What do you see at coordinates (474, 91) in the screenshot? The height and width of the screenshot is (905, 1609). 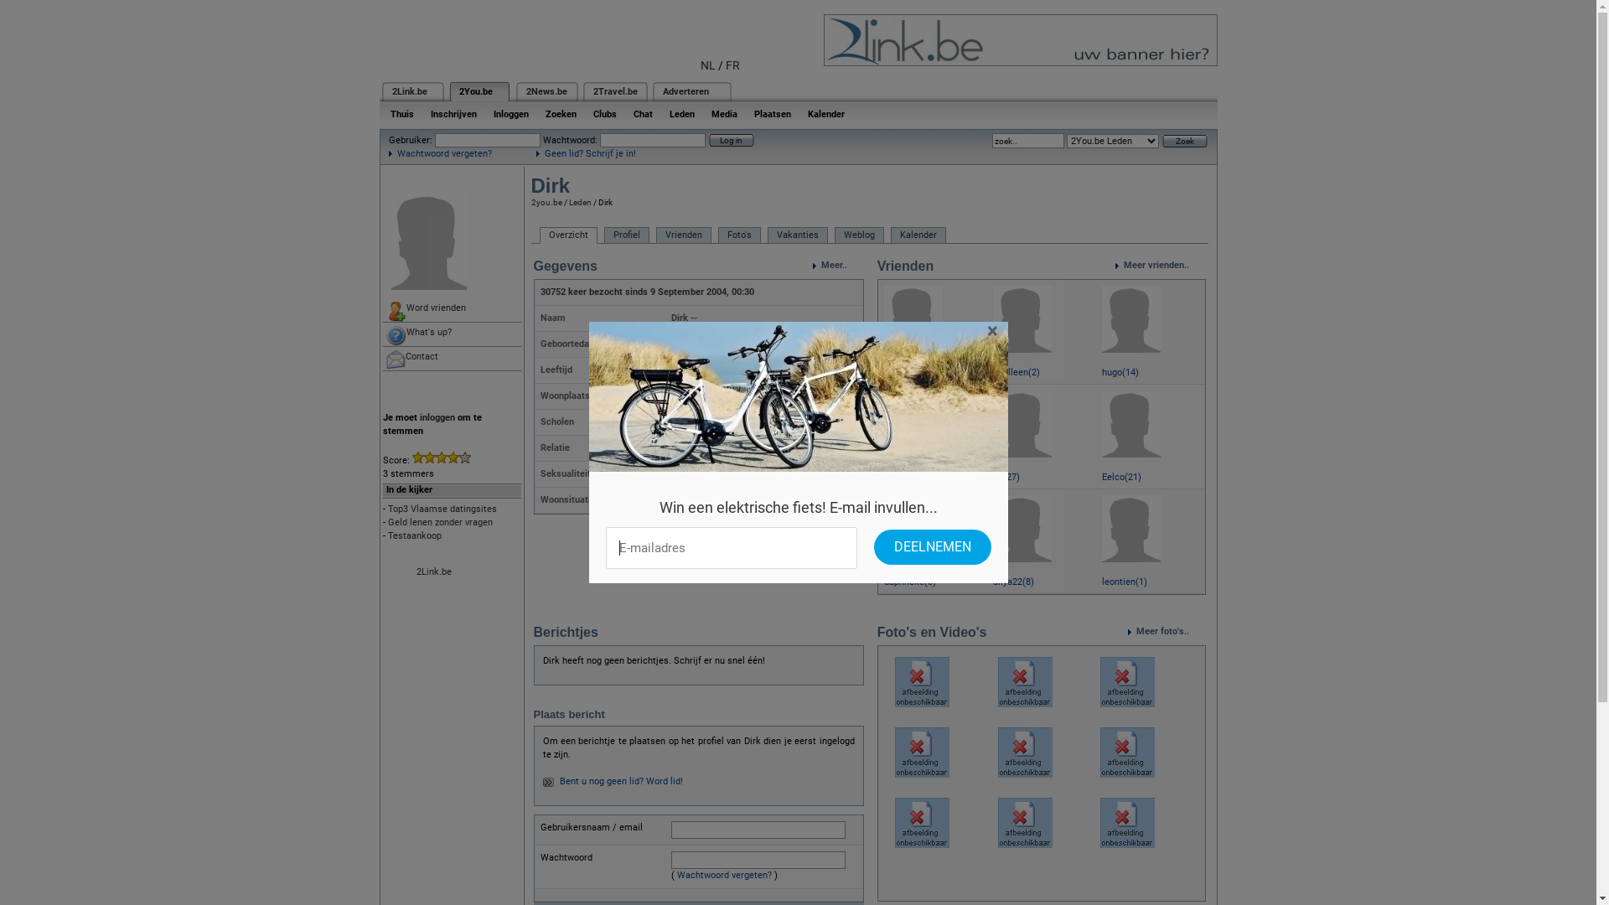 I see `'2You.be'` at bounding box center [474, 91].